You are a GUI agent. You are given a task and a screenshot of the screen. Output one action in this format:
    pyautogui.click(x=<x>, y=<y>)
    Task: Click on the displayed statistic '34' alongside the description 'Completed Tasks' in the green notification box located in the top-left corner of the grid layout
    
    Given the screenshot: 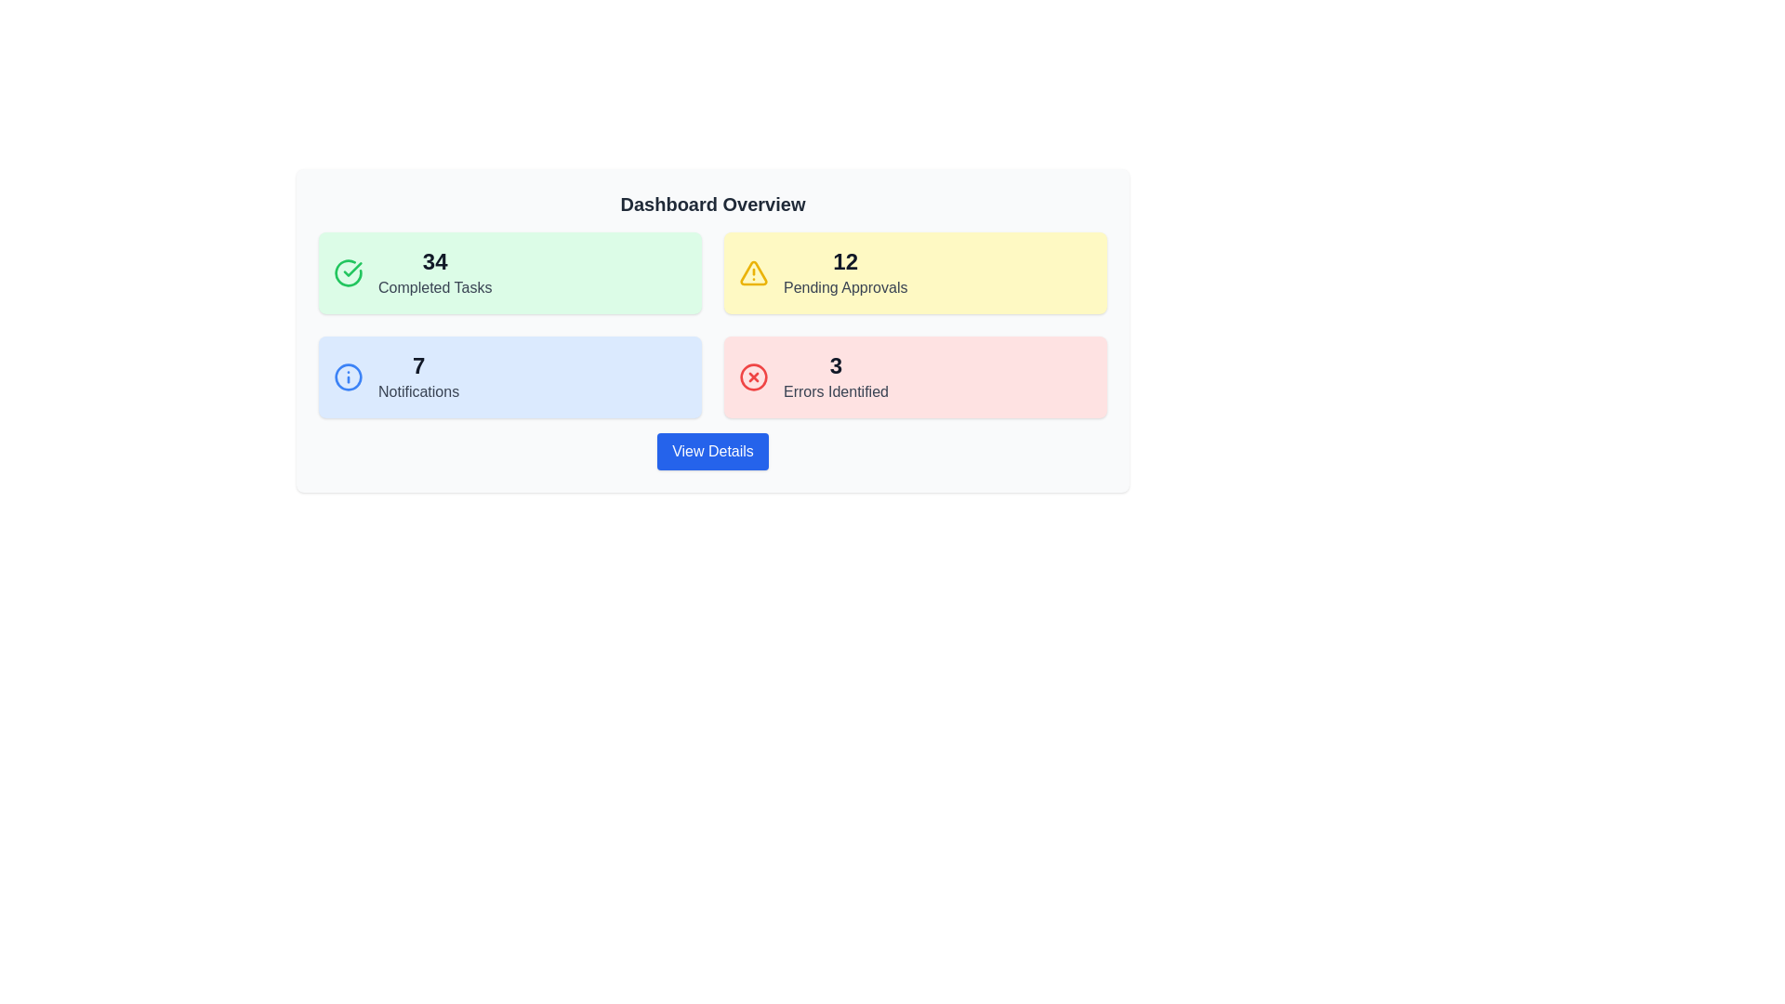 What is the action you would take?
    pyautogui.click(x=434, y=272)
    